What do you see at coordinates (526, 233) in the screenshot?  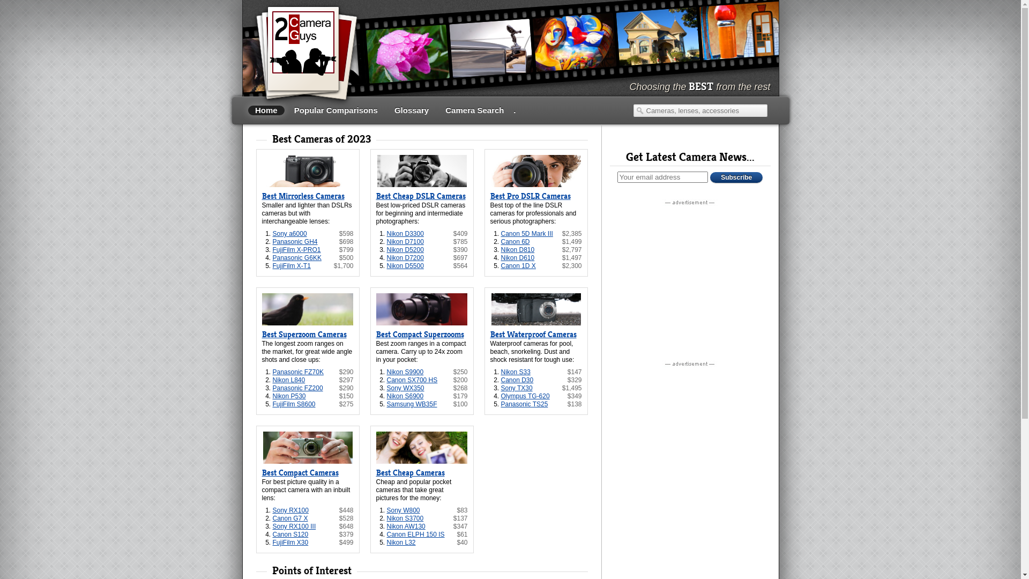 I see `'Canon 5D Mark III'` at bounding box center [526, 233].